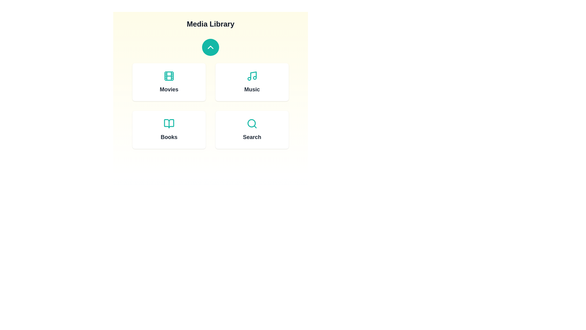 The image size is (586, 330). I want to click on the section card labeled Music, so click(252, 82).